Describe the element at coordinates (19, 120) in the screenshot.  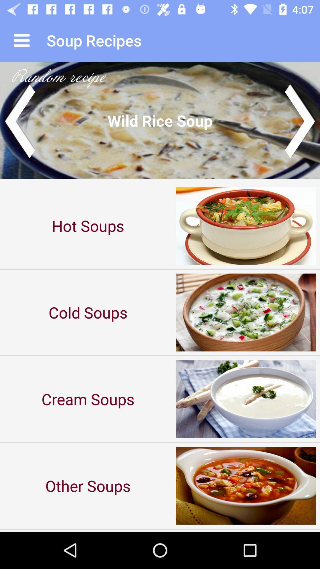
I see `previous recipe` at that location.